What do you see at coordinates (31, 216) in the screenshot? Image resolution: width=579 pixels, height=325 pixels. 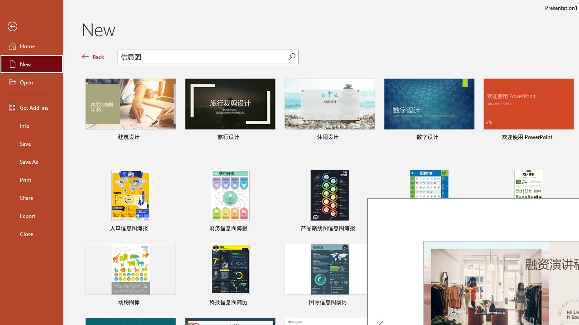 I see `'Export'` at bounding box center [31, 216].